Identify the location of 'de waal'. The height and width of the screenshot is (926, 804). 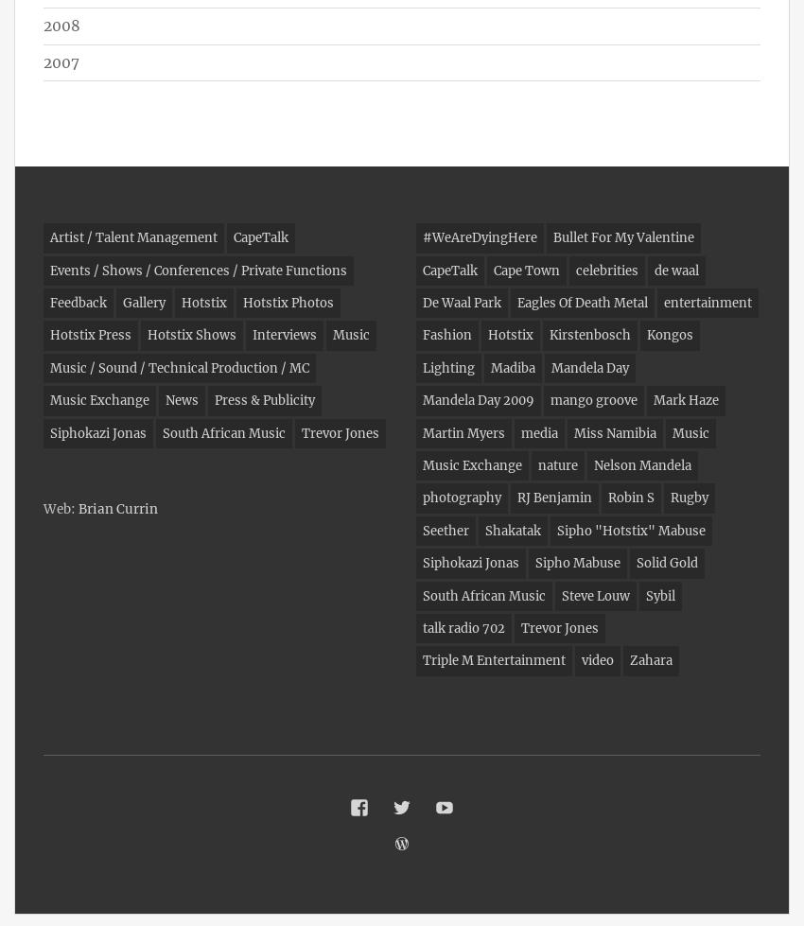
(653, 270).